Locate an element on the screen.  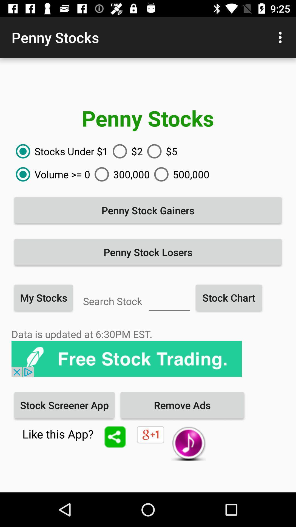
item to the left of 300,000 icon is located at coordinates (51, 174).